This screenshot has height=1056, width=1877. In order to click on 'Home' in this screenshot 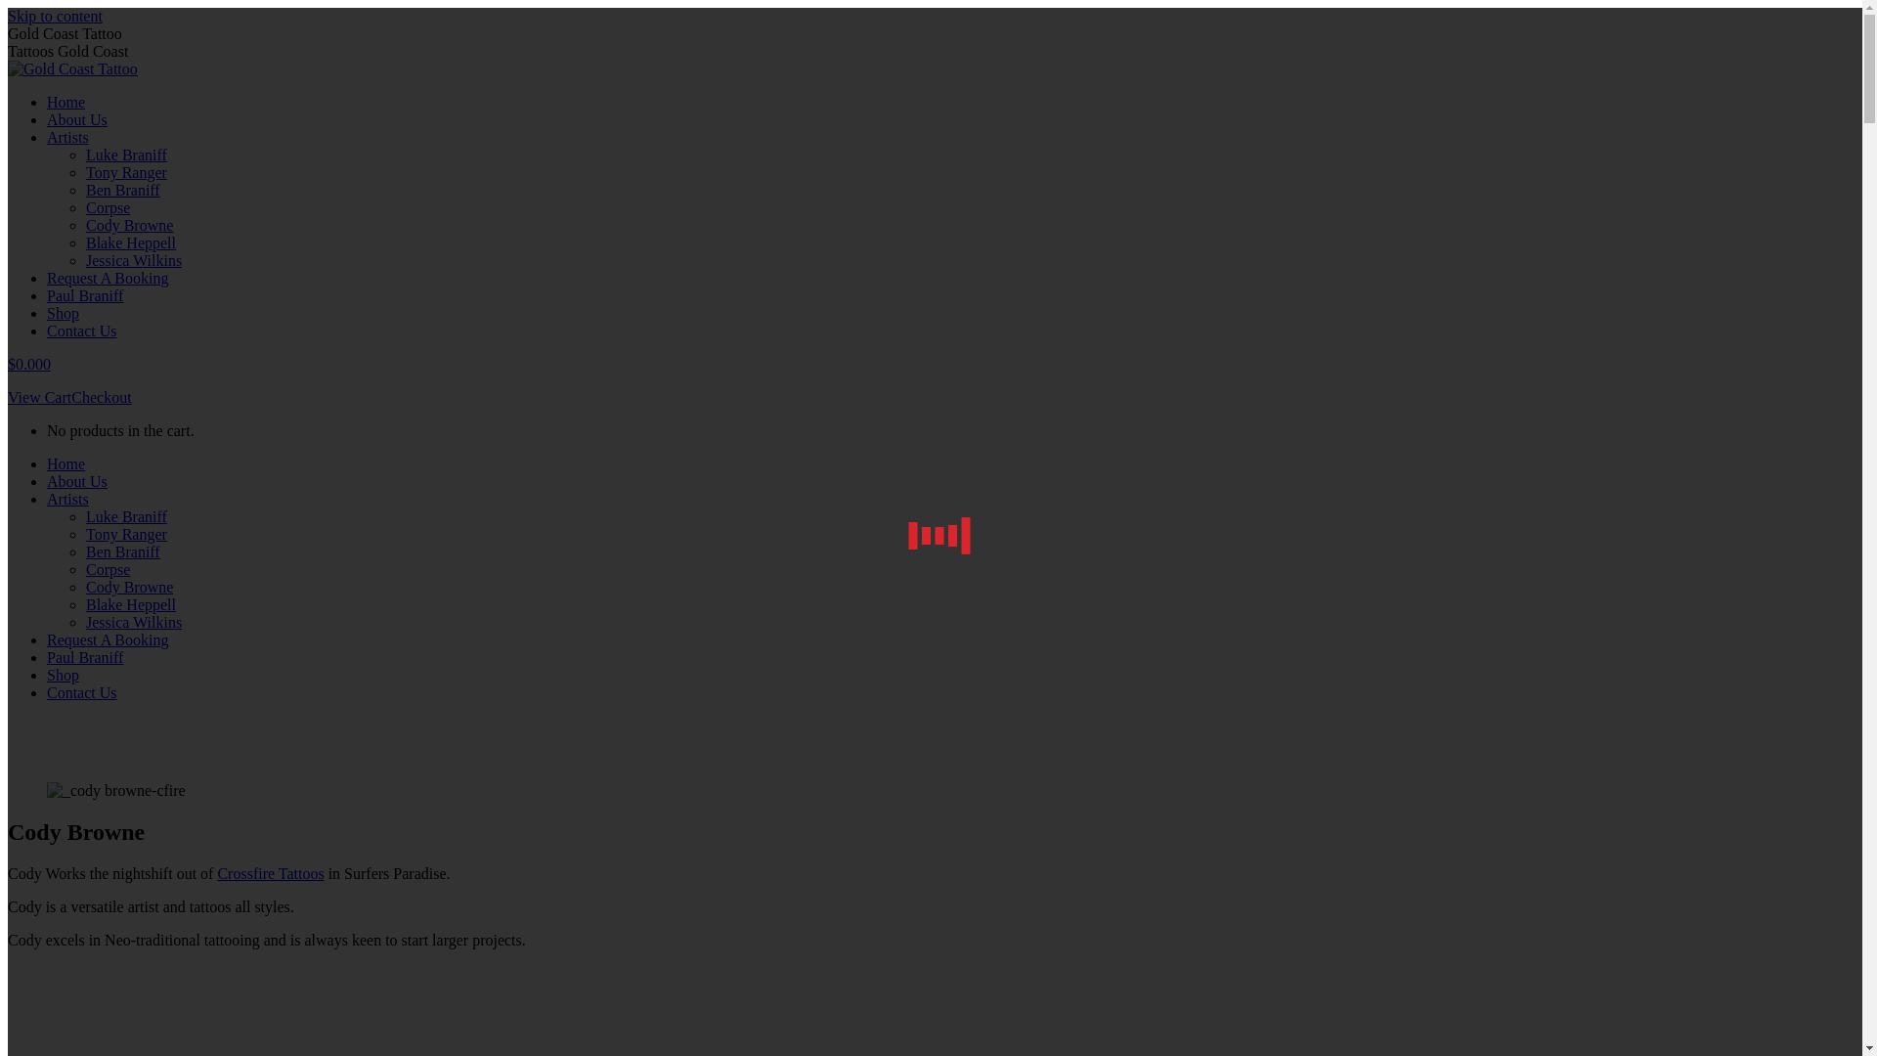, I will do `click(65, 463)`.